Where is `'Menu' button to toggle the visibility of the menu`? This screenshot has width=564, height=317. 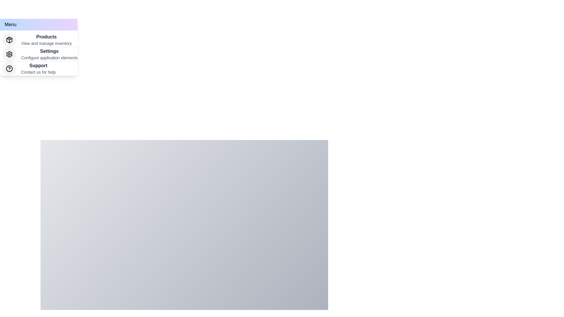 'Menu' button to toggle the visibility of the menu is located at coordinates (38, 24).